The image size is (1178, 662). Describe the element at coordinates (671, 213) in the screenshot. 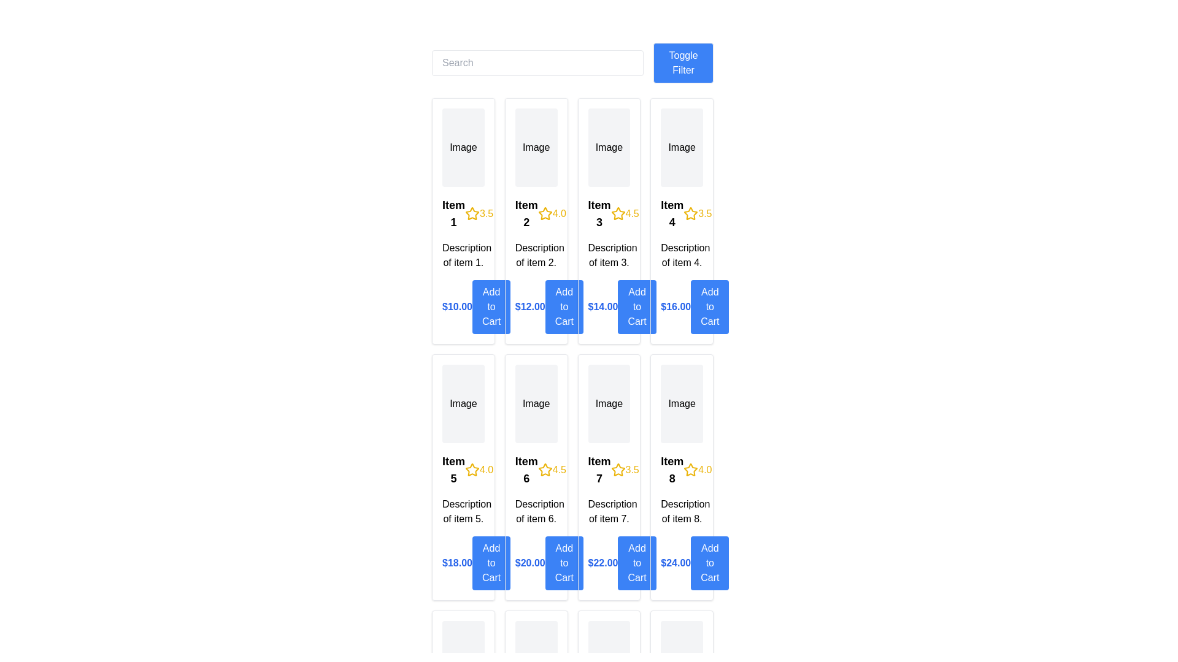

I see `bold text label displaying 'Item 4' located in the upper section of the fourth item card in the grid layout` at that location.